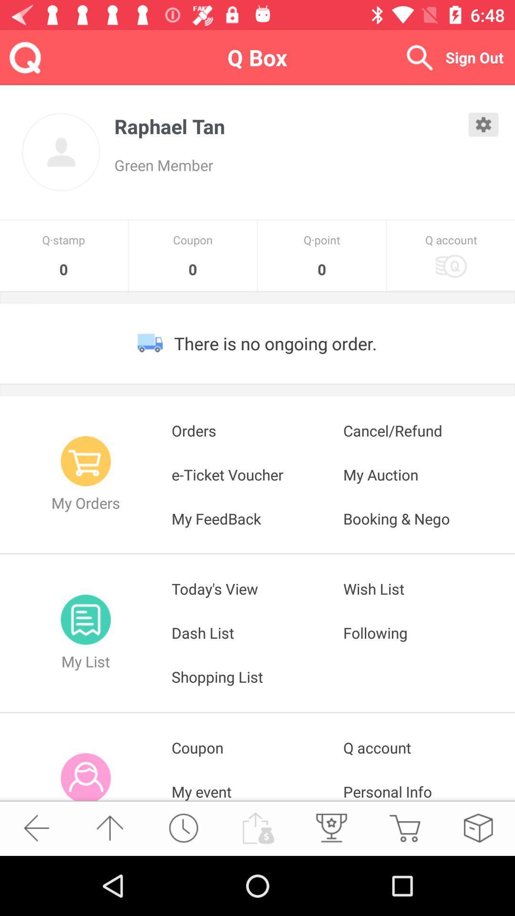 Image resolution: width=515 pixels, height=916 pixels. What do you see at coordinates (484, 124) in the screenshot?
I see `open settings` at bounding box center [484, 124].